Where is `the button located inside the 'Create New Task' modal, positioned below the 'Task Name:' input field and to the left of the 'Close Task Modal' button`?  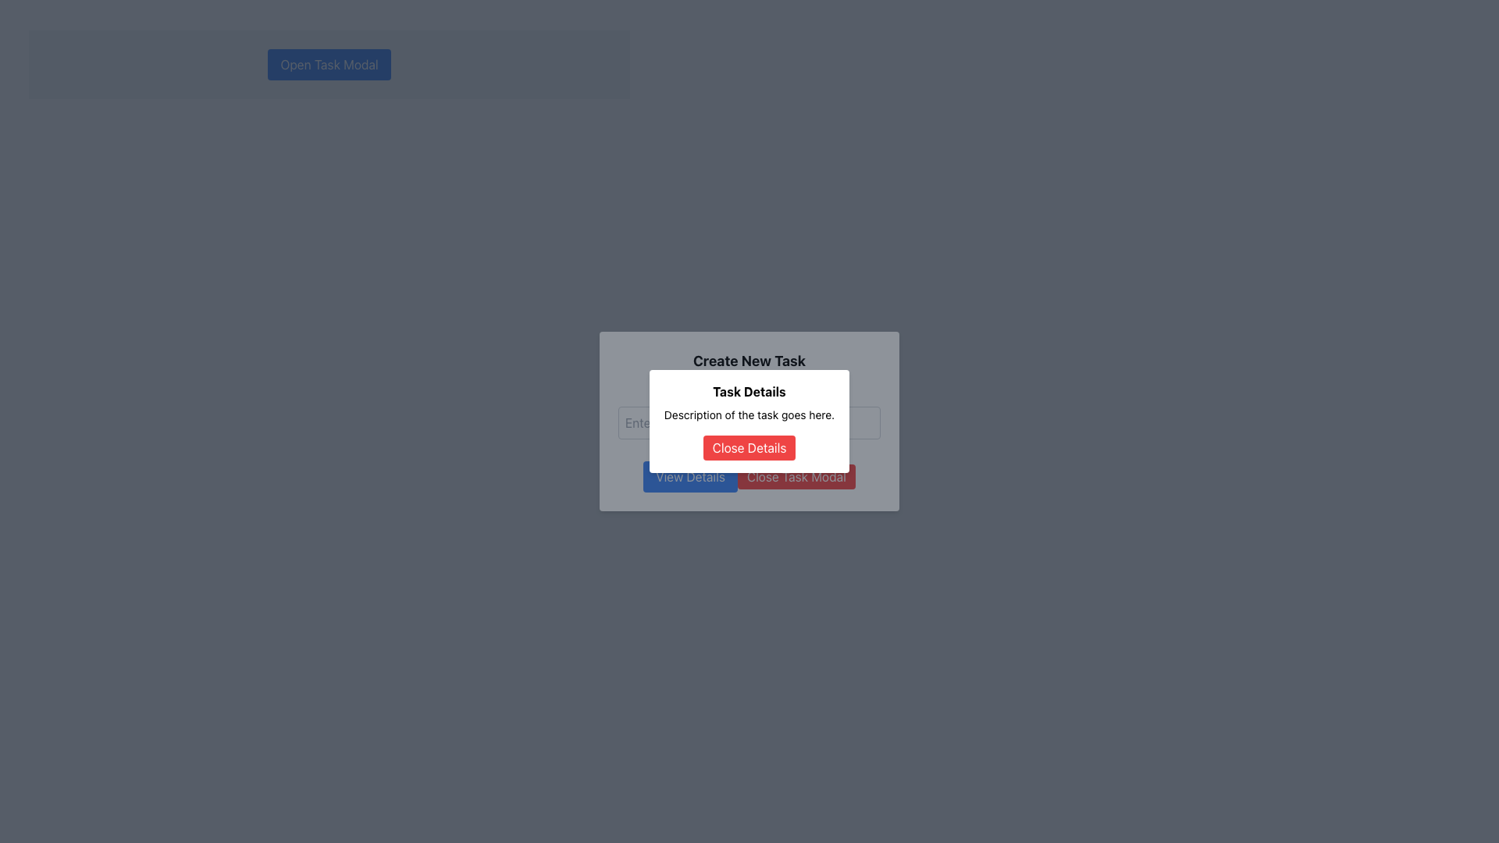
the button located inside the 'Create New Task' modal, positioned below the 'Task Name:' input field and to the left of the 'Close Task Modal' button is located at coordinates (689, 475).